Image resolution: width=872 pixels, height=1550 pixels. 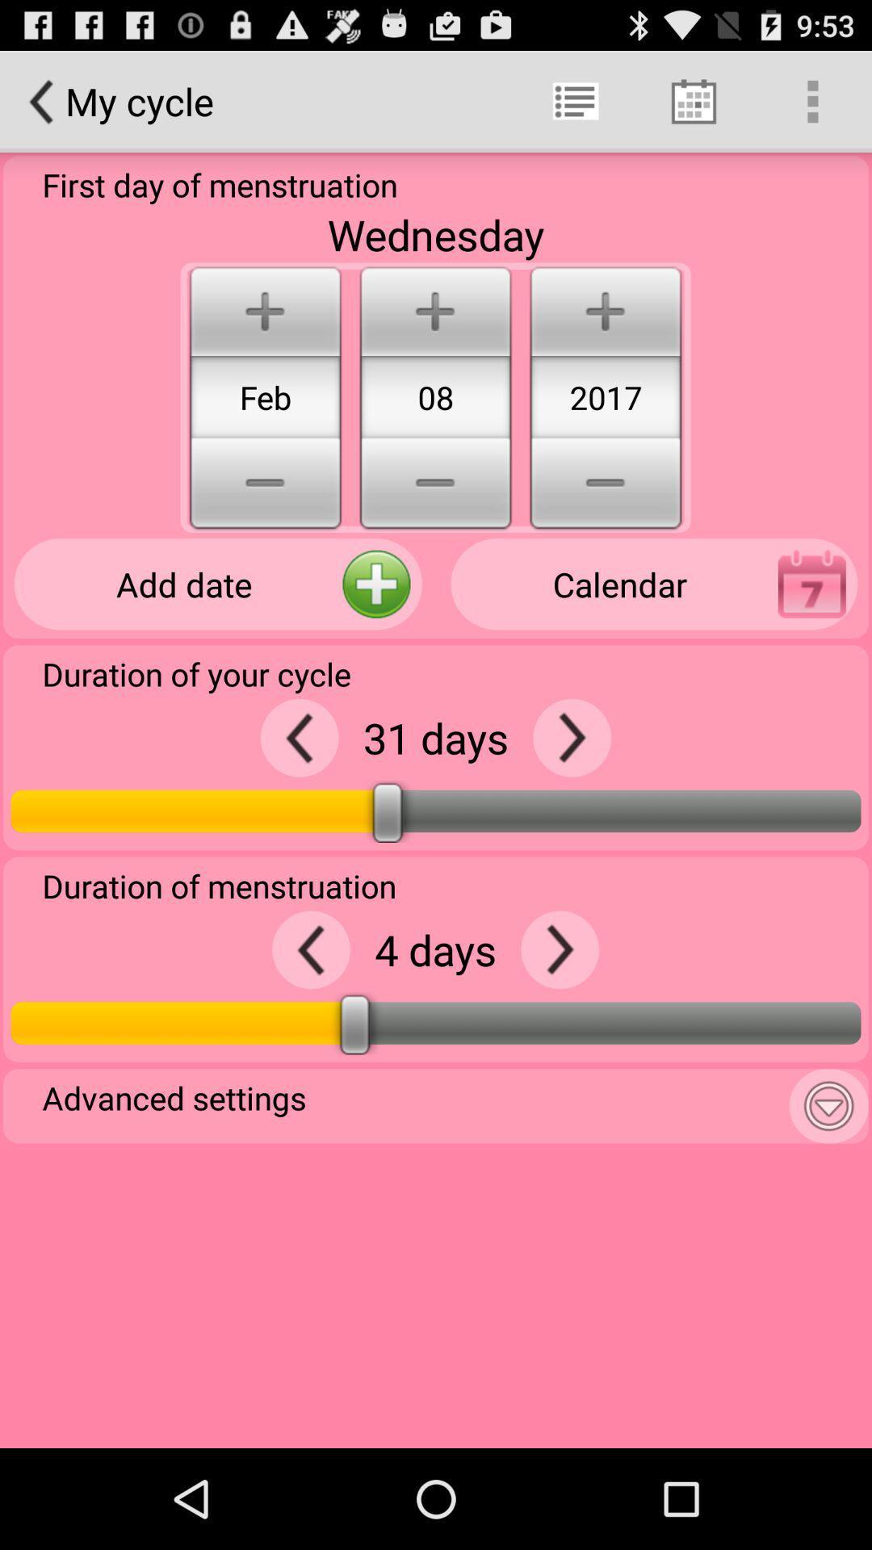 I want to click on the expand_more icon, so click(x=828, y=1183).